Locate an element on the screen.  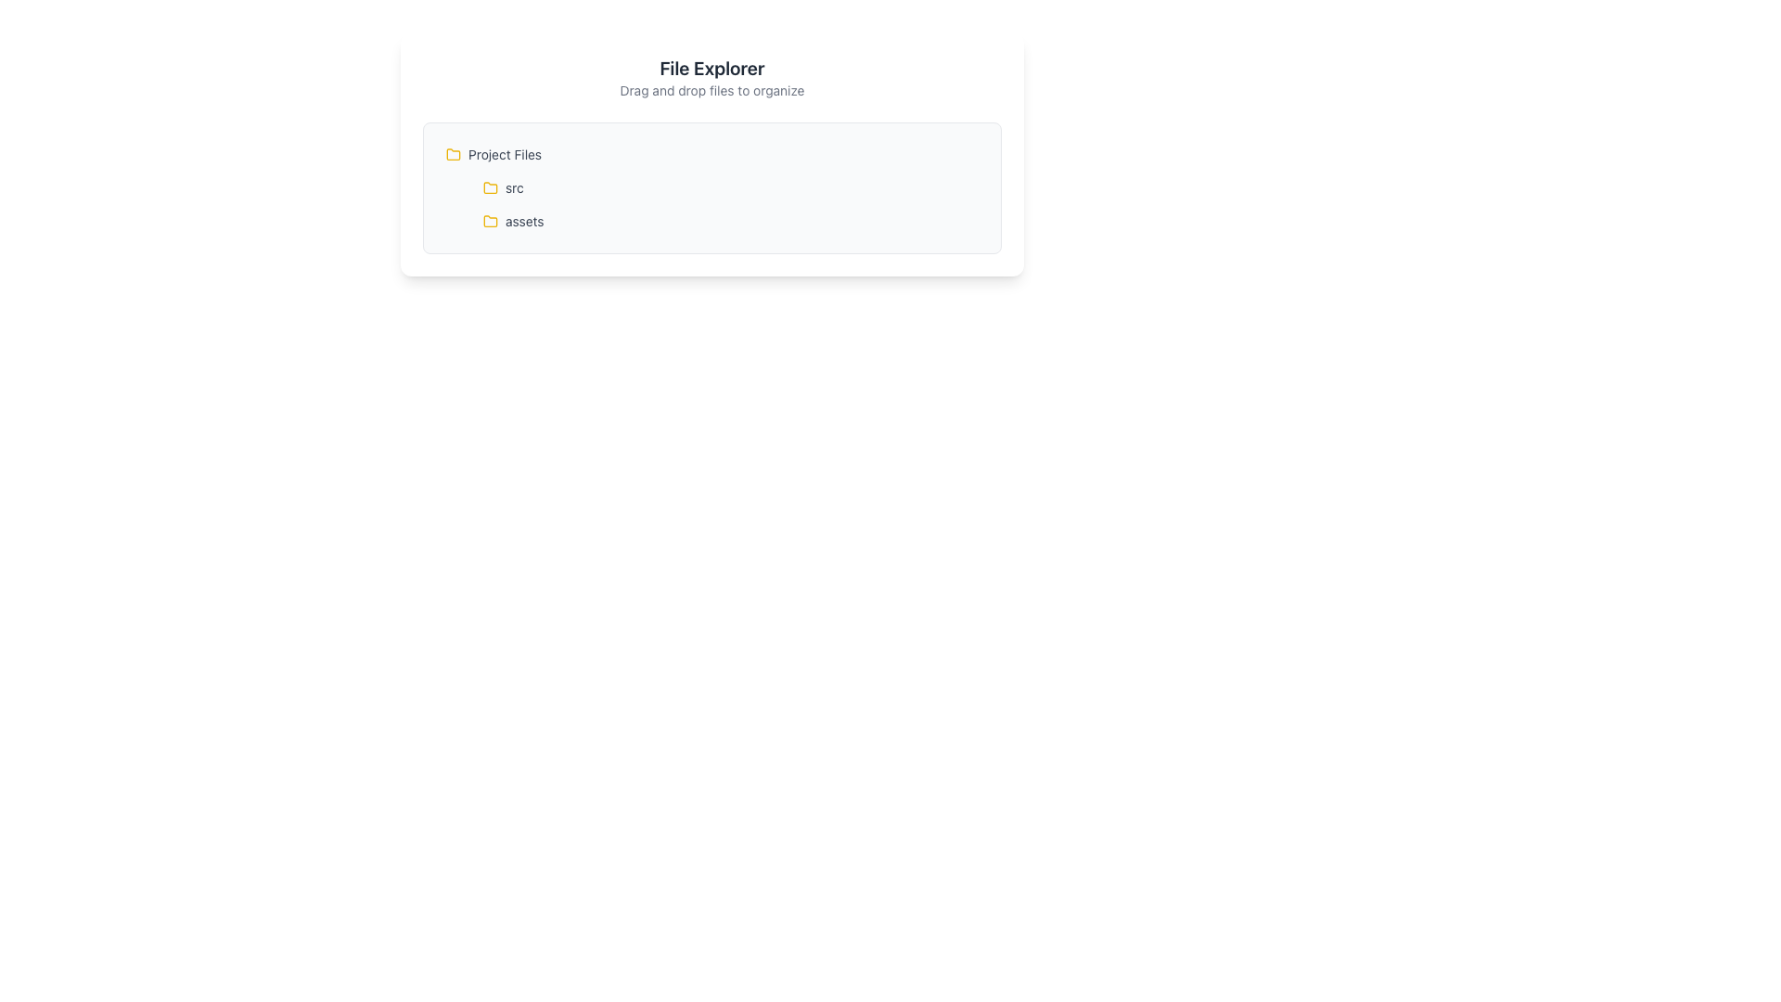
the yellow folder icon representing the 'src' directory in the file explorer is located at coordinates (490, 186).